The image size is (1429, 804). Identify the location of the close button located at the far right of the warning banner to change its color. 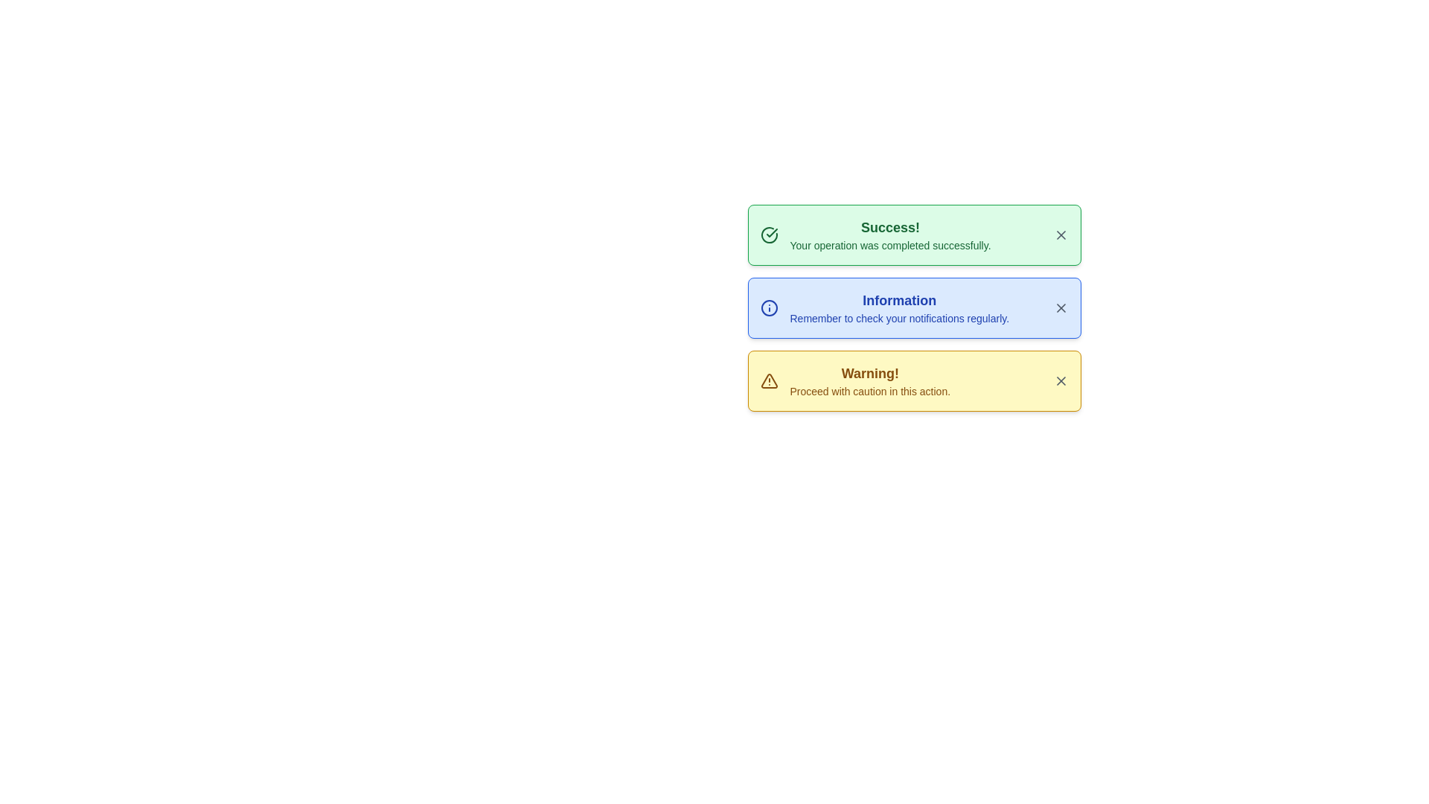
(1060, 380).